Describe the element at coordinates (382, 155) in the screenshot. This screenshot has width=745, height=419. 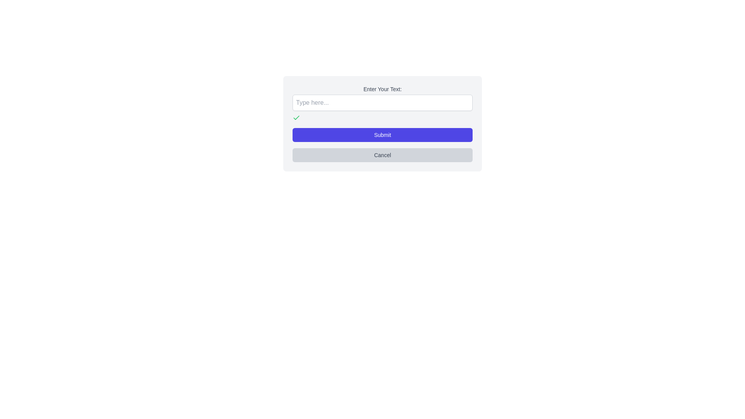
I see `the 'Cancel' button, which is a rectangular button with a light gray background and rounded corners, located below the 'Submit' button` at that location.